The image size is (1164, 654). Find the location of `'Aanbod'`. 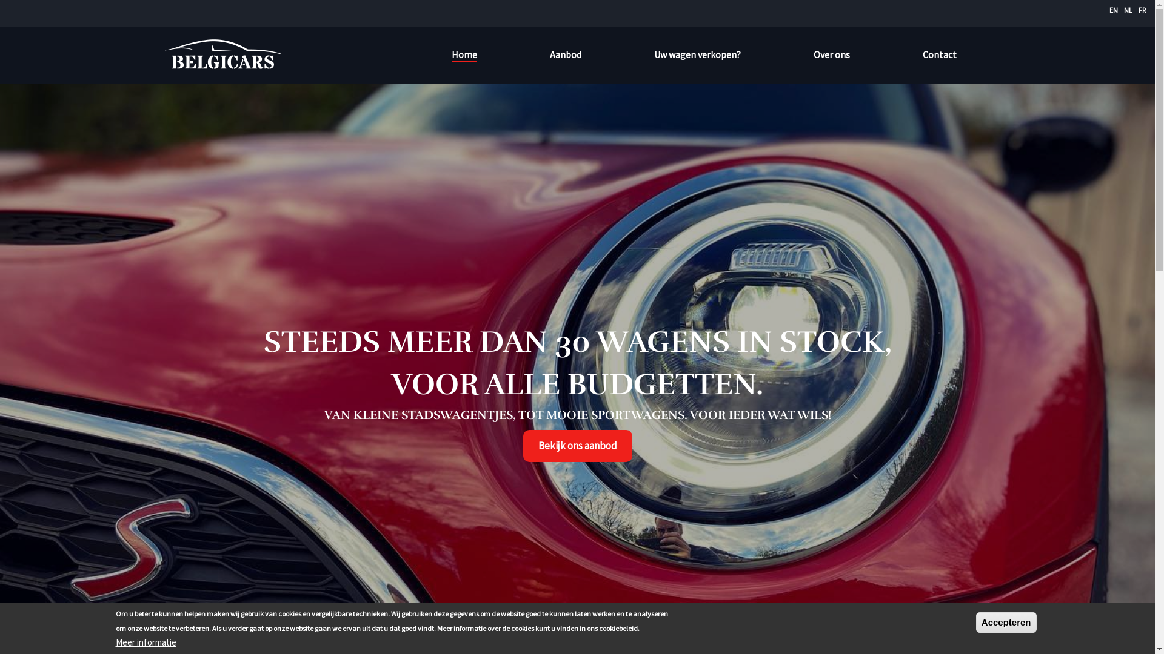

'Aanbod' is located at coordinates (564, 53).